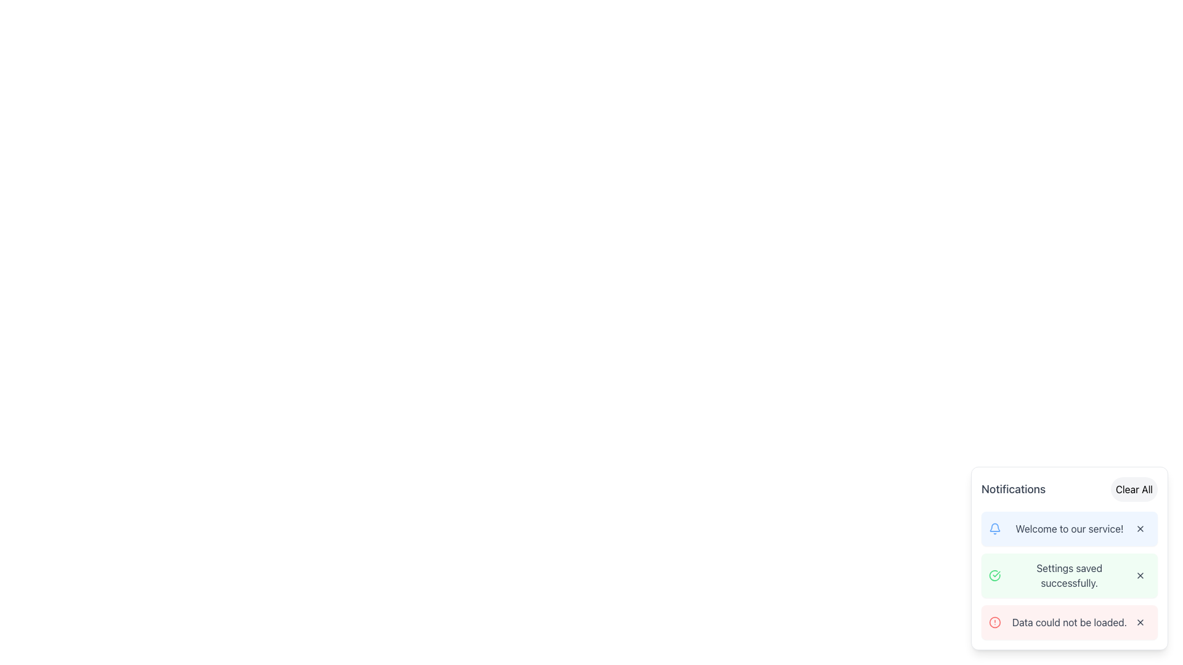 Image resolution: width=1183 pixels, height=665 pixels. I want to click on the close button located at the bottom-right corner of the page, so click(1140, 622).